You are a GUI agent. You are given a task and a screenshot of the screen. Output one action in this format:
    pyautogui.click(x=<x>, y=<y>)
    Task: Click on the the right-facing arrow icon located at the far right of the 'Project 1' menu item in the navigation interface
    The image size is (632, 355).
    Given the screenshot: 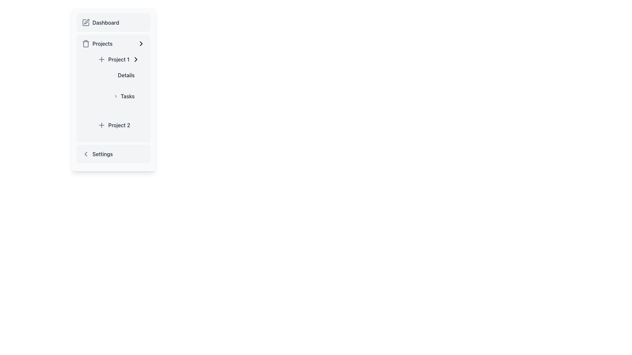 What is the action you would take?
    pyautogui.click(x=135, y=59)
    